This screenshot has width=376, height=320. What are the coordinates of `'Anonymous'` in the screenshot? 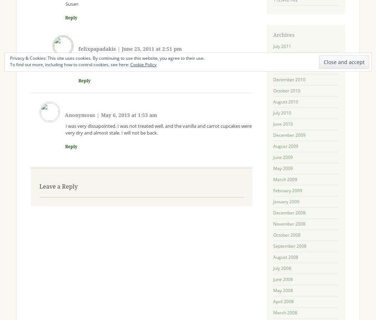 It's located at (65, 115).